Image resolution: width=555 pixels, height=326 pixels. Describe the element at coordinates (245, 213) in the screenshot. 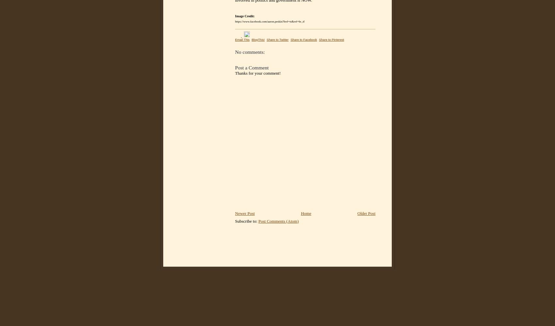

I see `'Newer Post'` at that location.